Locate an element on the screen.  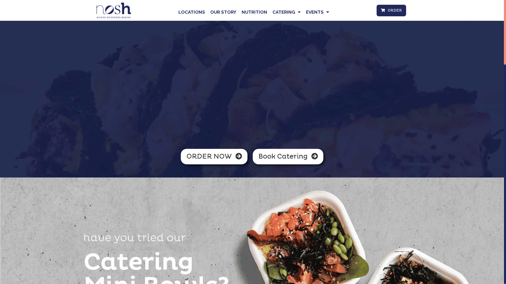
'LOCATIONS' is located at coordinates (191, 12).